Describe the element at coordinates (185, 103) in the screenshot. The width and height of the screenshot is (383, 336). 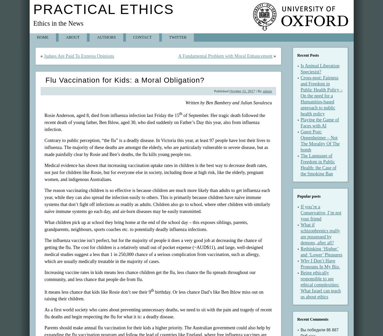
I see `'Written by Ben Bambery and Julian Savulescu'` at that location.